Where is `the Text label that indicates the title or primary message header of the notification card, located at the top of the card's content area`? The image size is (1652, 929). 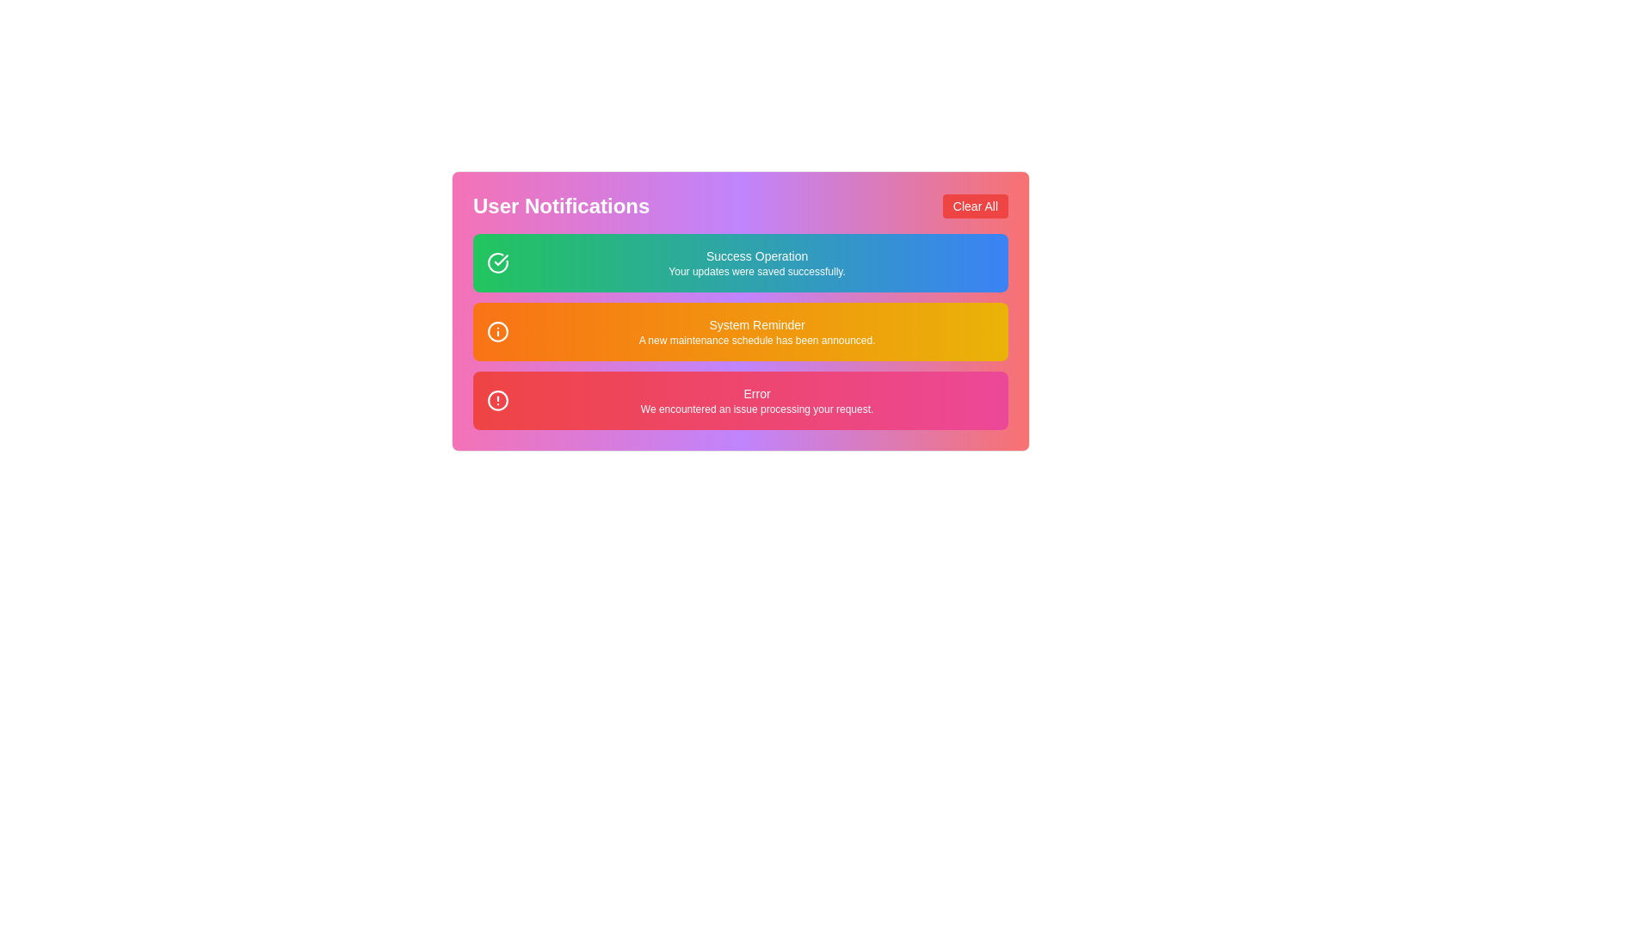 the Text label that indicates the title or primary message header of the notification card, located at the top of the card's content area is located at coordinates (757, 394).